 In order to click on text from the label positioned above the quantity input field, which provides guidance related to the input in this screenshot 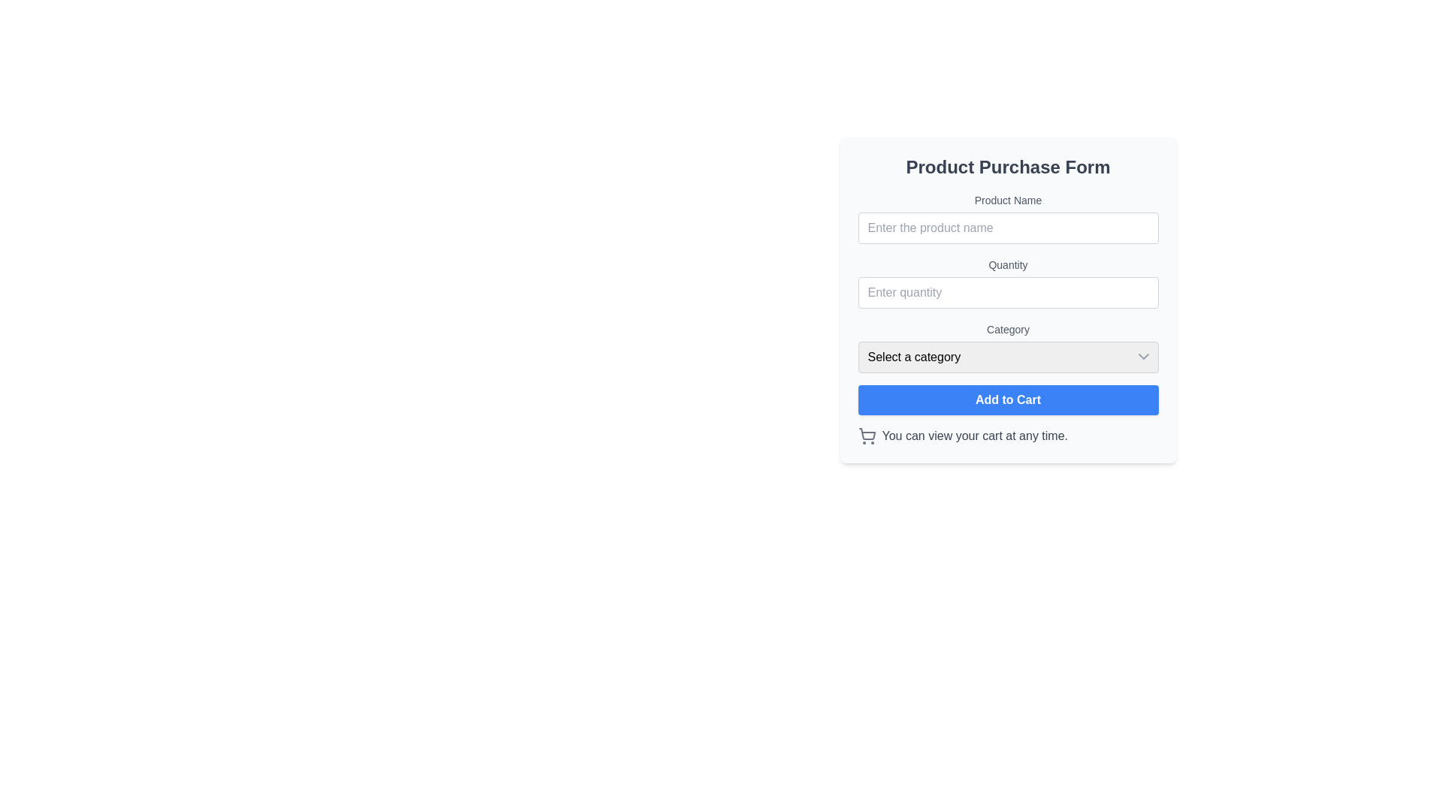, I will do `click(1008, 264)`.